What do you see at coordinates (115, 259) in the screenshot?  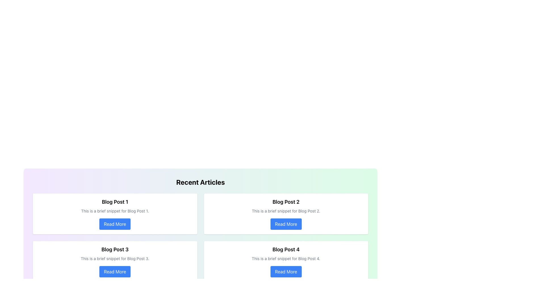 I see `the text display element that reads 'This is a brief snippet for Blog Post 3.', styled in small gray text, located centrally below the title 'Blog Post 3'` at bounding box center [115, 259].